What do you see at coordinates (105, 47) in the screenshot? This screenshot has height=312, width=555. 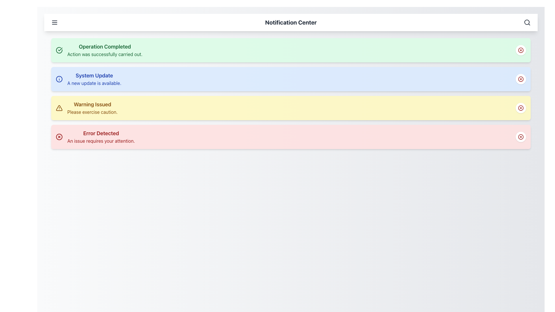 I see `the text label that reads 'Operation Completed', which is styled in bold and large green font, indicating a successful operation, located in the top-left area of the notification card` at bounding box center [105, 47].